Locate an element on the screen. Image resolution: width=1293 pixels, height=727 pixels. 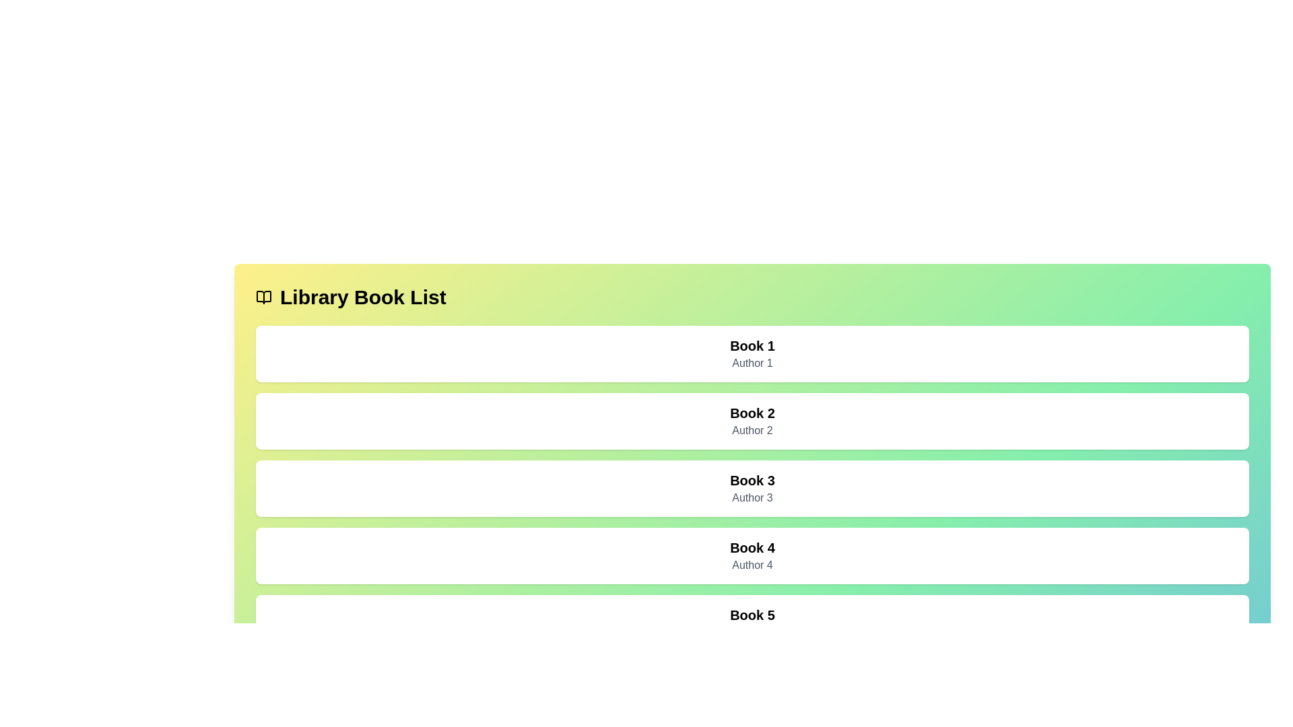
the text label displaying 'Book 3', which identifies a specific item in the list and is located in the third row above 'Author 3' is located at coordinates (752, 479).